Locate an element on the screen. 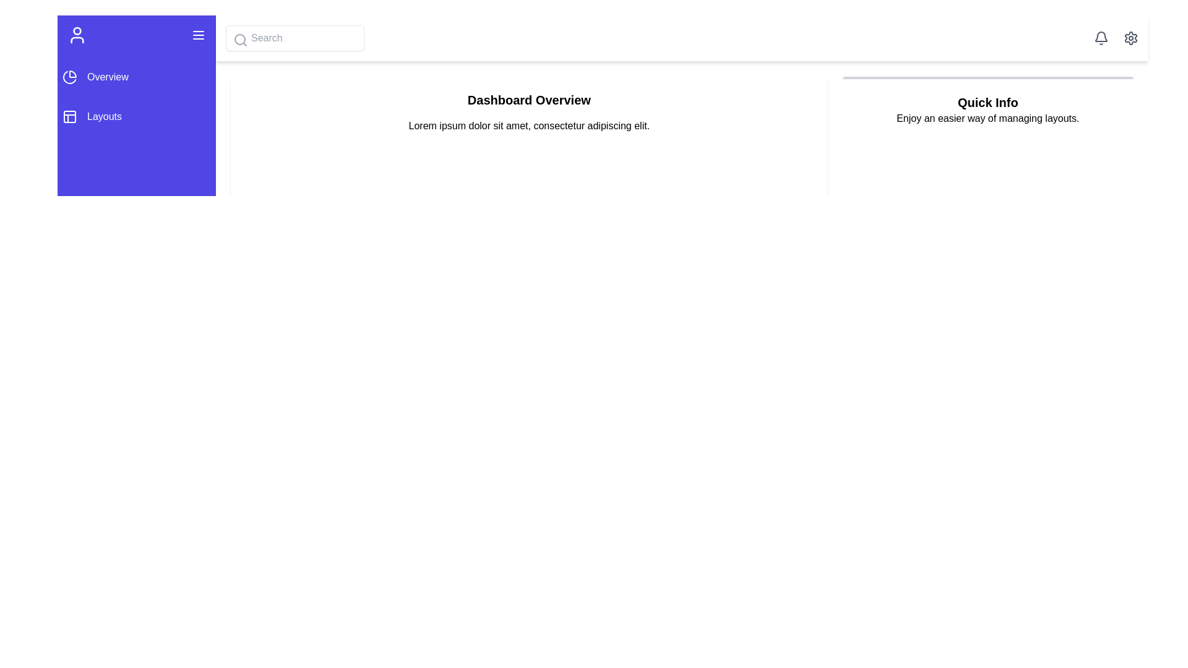 The image size is (1188, 668). the graphical indicator representing the head of the user within the user profile icon located in the left sidebar at the top area is located at coordinates (76, 30).